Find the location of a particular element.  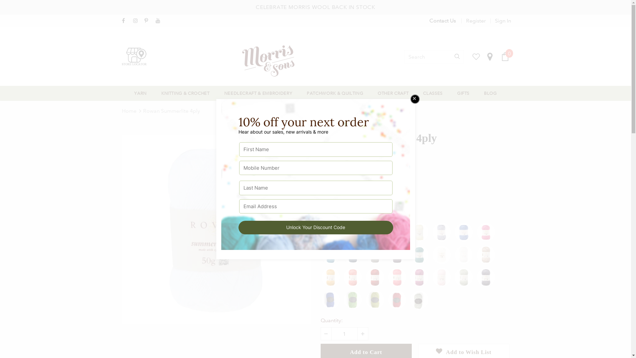

'Contact Us' is located at coordinates (429, 20).